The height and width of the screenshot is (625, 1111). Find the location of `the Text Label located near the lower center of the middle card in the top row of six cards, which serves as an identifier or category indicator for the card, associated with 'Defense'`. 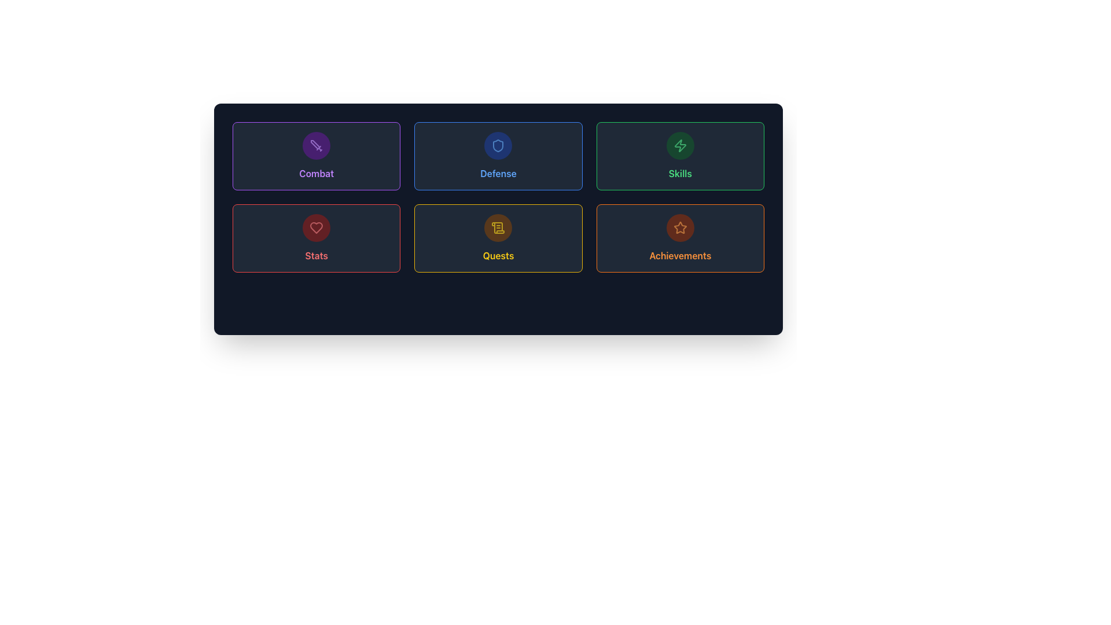

the Text Label located near the lower center of the middle card in the top row of six cards, which serves as an identifier or category indicator for the card, associated with 'Defense' is located at coordinates (498, 174).